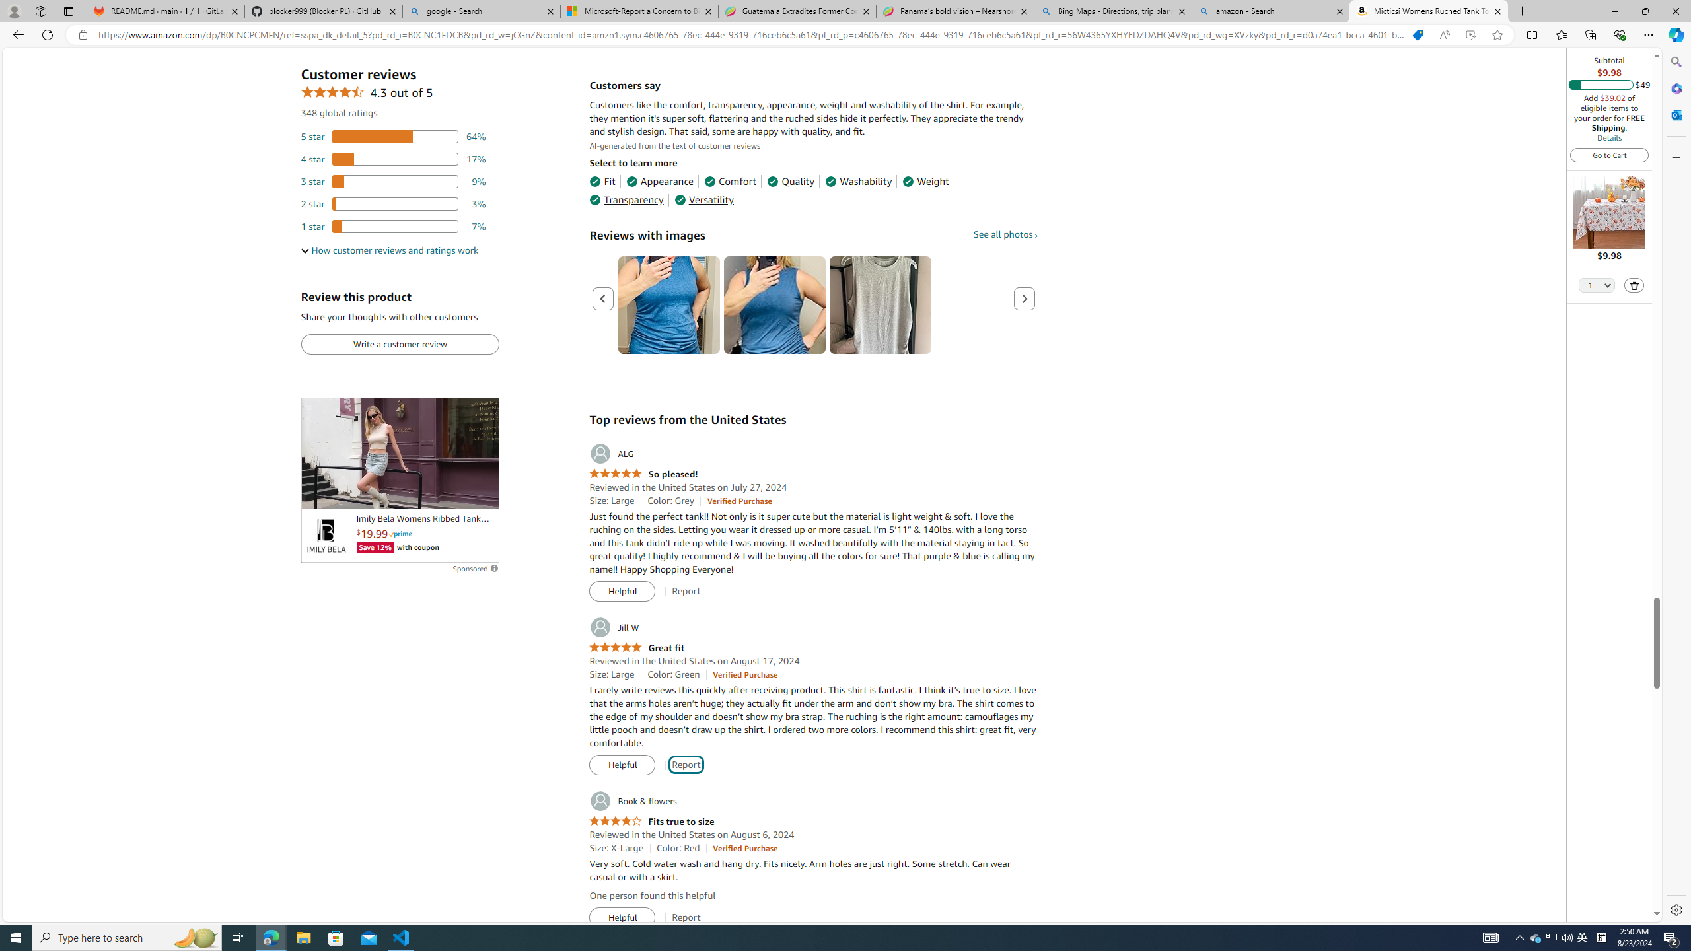 The image size is (1691, 951). Describe the element at coordinates (643, 474) in the screenshot. I see `'5.0 out of 5 stars So pleased!'` at that location.